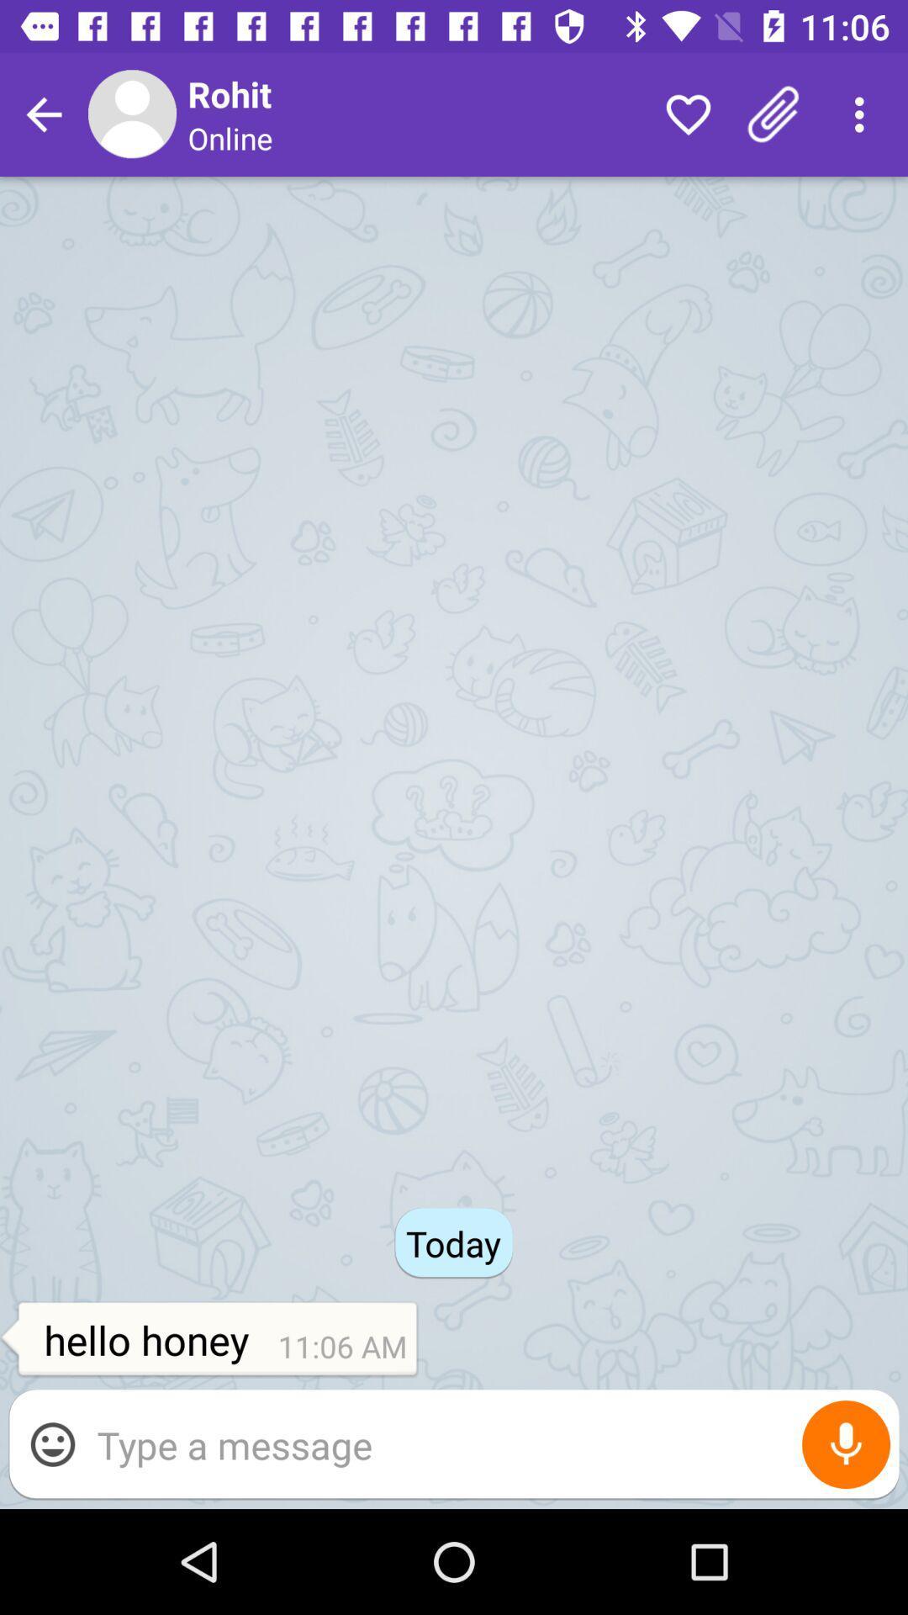  I want to click on open voice recognition, so click(846, 1443).